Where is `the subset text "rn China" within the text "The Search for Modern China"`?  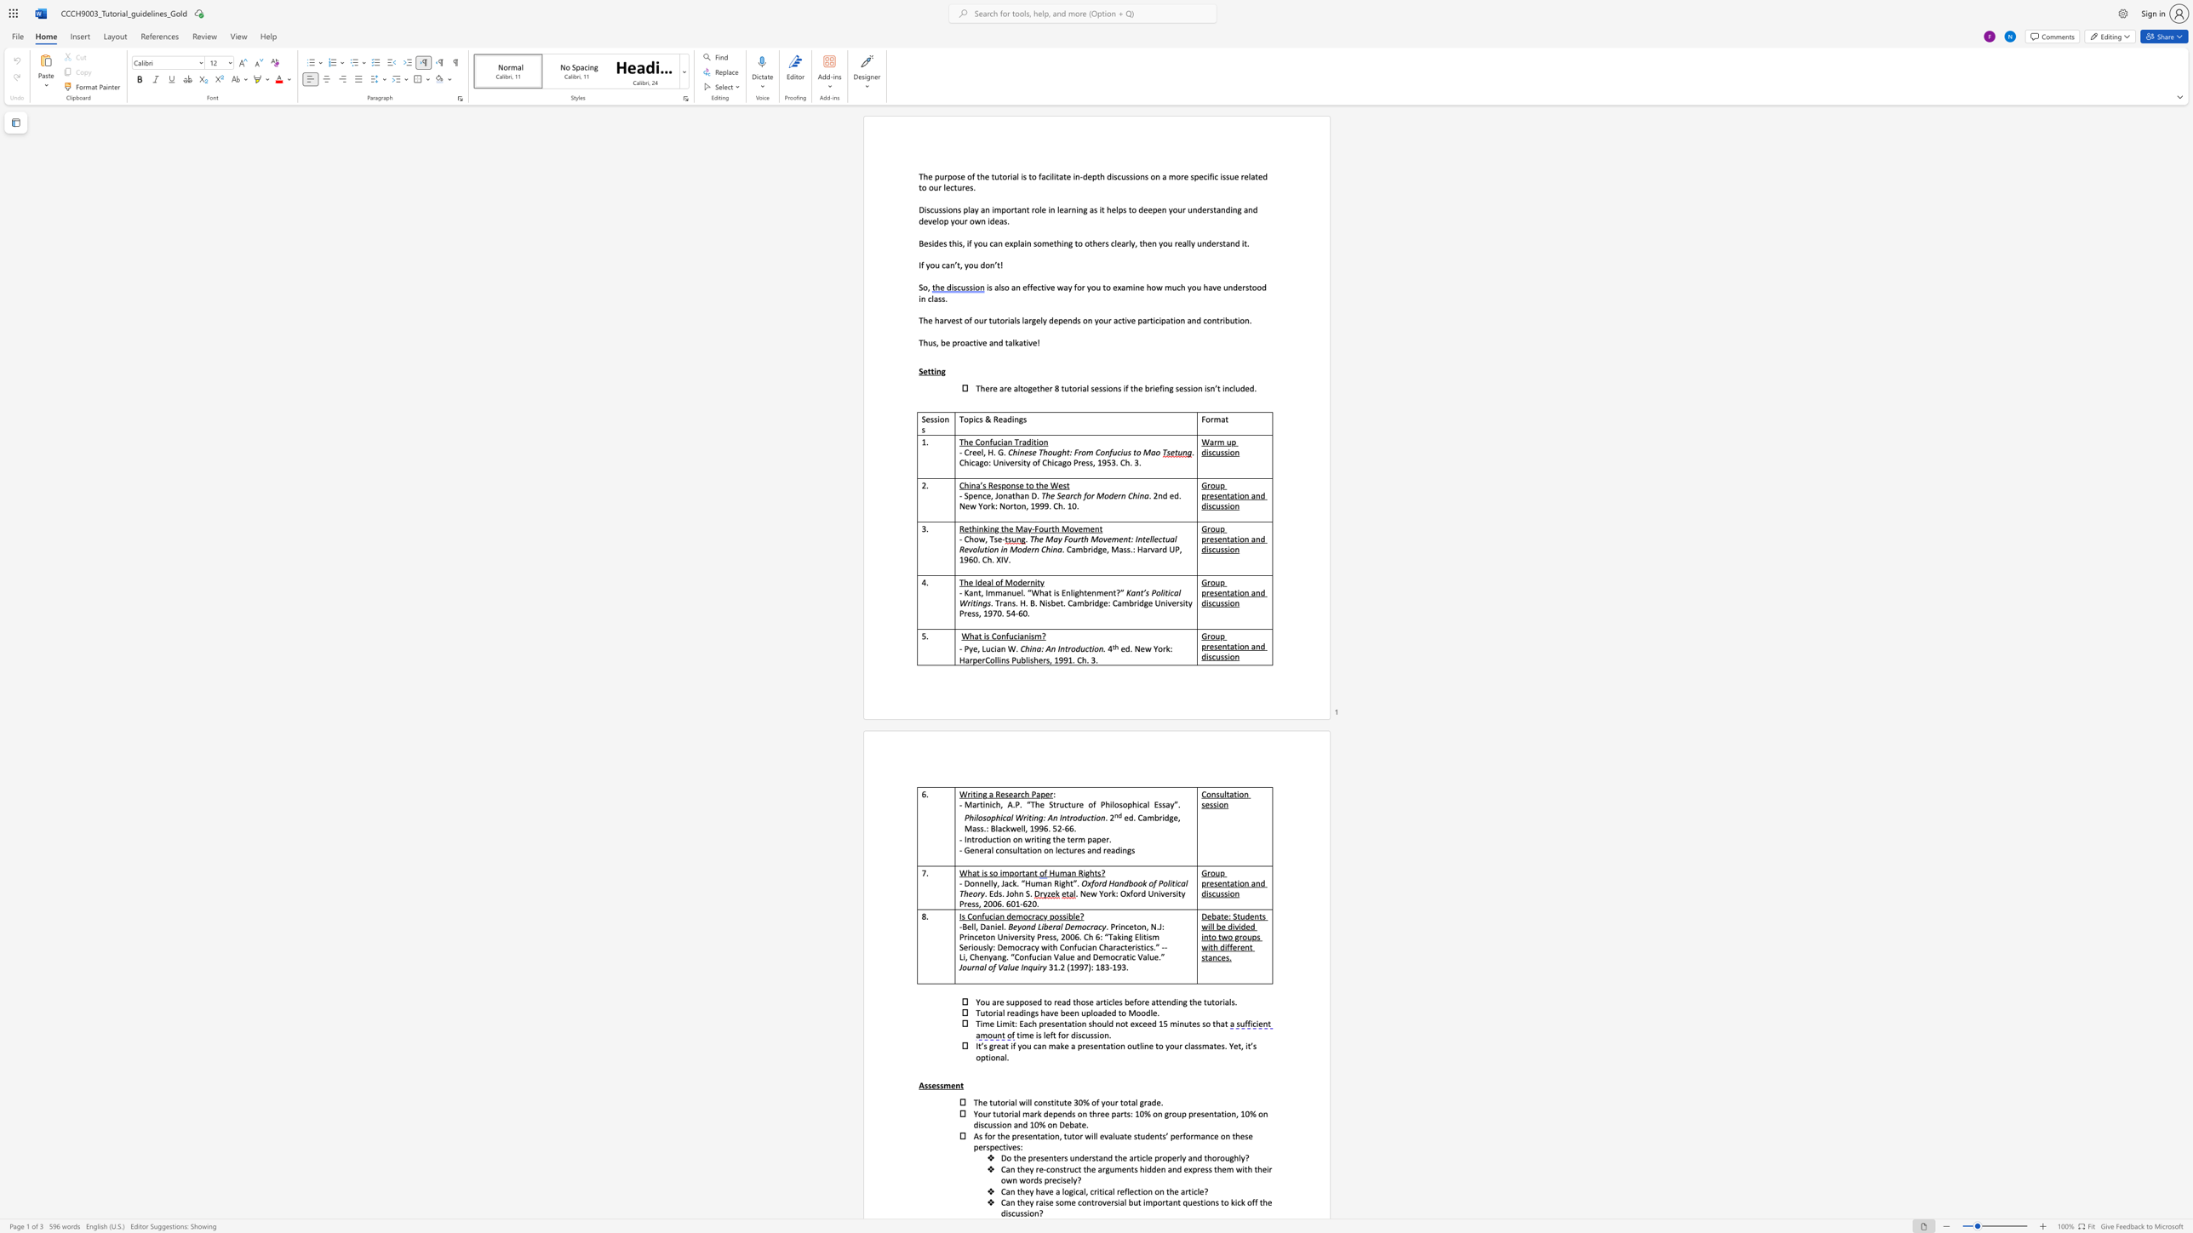 the subset text "rn China" within the text "The Search for Modern China" is located at coordinates (1118, 495).